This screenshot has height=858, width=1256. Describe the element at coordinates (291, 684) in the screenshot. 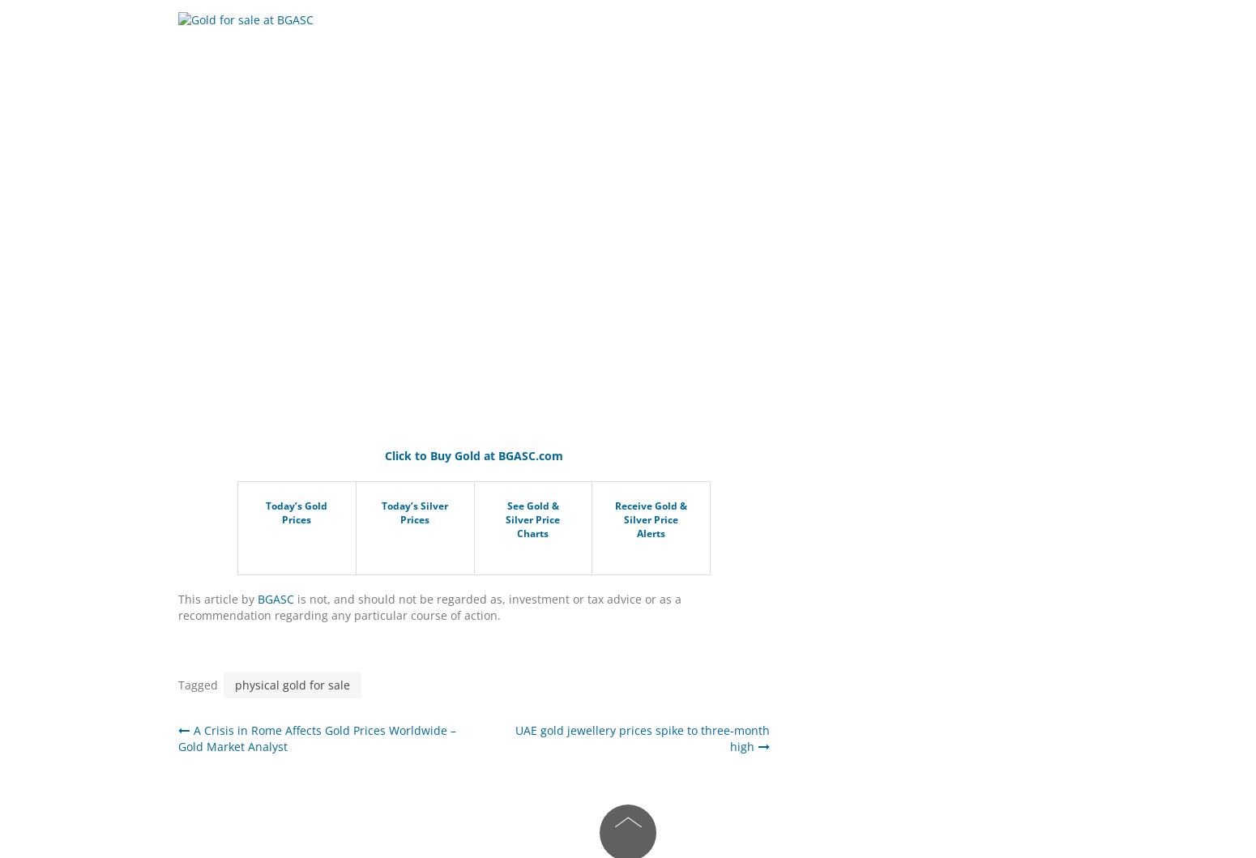

I see `'physical gold for sale'` at that location.